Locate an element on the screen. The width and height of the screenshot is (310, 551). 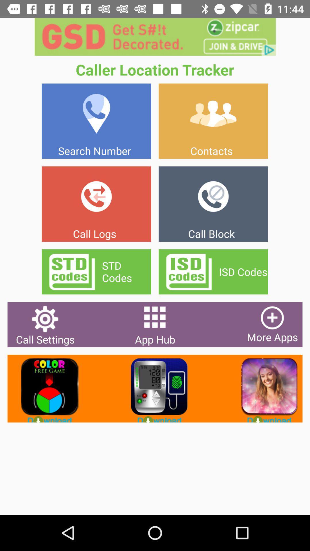
advertisement is located at coordinates (155, 36).